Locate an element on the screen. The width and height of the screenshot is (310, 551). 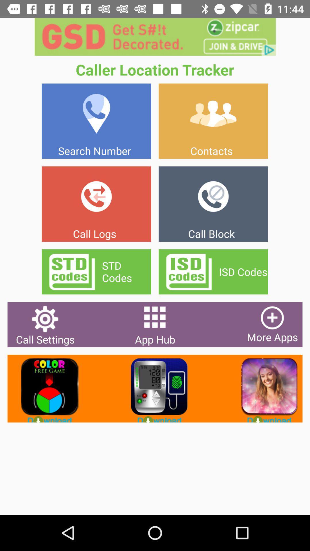
advertisement is located at coordinates (155, 36).